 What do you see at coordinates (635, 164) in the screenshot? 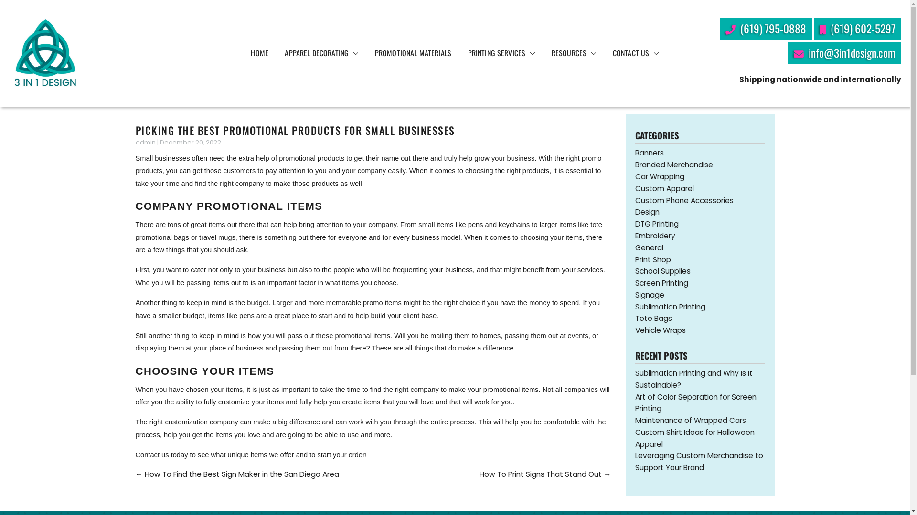
I see `'Branded Merchandise'` at bounding box center [635, 164].